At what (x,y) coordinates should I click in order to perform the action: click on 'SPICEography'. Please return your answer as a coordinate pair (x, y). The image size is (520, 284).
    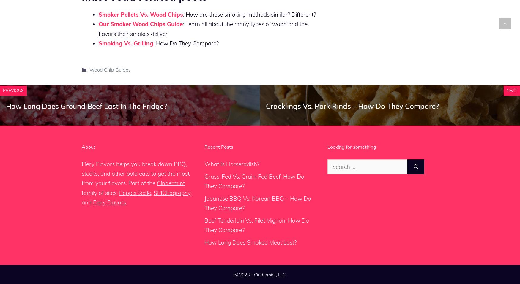
    Looking at the image, I should click on (153, 192).